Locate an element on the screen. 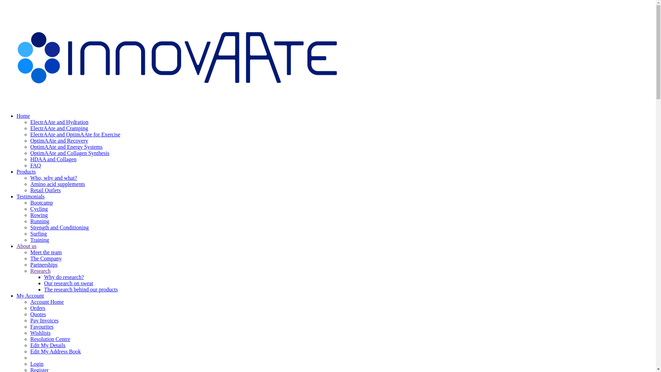  'Resolution Centre' is located at coordinates (50, 339).